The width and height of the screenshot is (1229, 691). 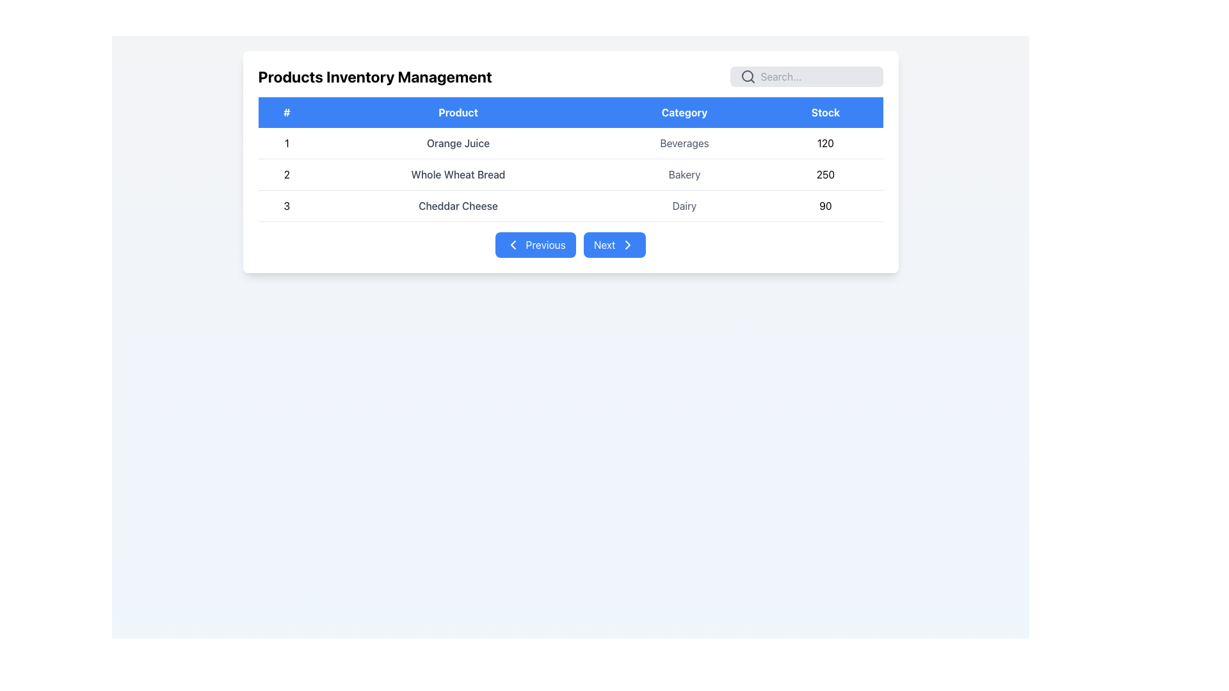 What do you see at coordinates (805, 76) in the screenshot?
I see `the search bar located on the right side of the 'Products Inventory Management' title to focus it for user input` at bounding box center [805, 76].